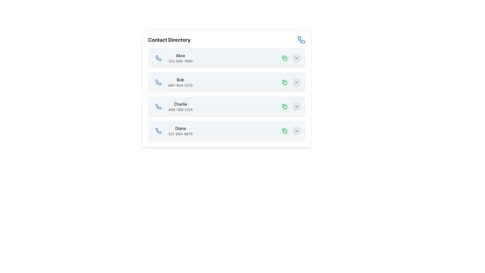 This screenshot has height=273, width=485. Describe the element at coordinates (297, 82) in the screenshot. I see `the circular button with a light gray background and a black downward arrow icon located to the far right of Bob's contact entry to trigger a hover state or tooltip display` at that location.